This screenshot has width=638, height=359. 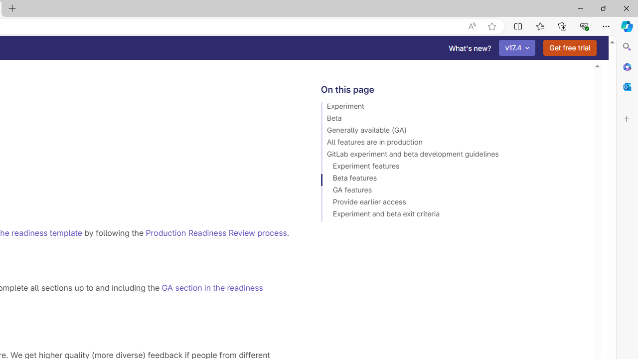 I want to click on 'Get free trial', so click(x=570, y=48).